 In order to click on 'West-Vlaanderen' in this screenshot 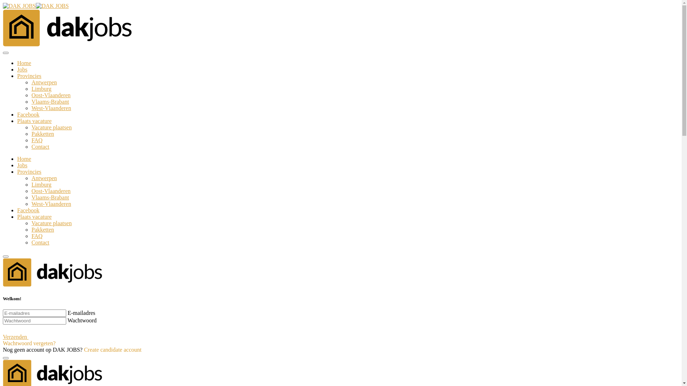, I will do `click(51, 108)`.